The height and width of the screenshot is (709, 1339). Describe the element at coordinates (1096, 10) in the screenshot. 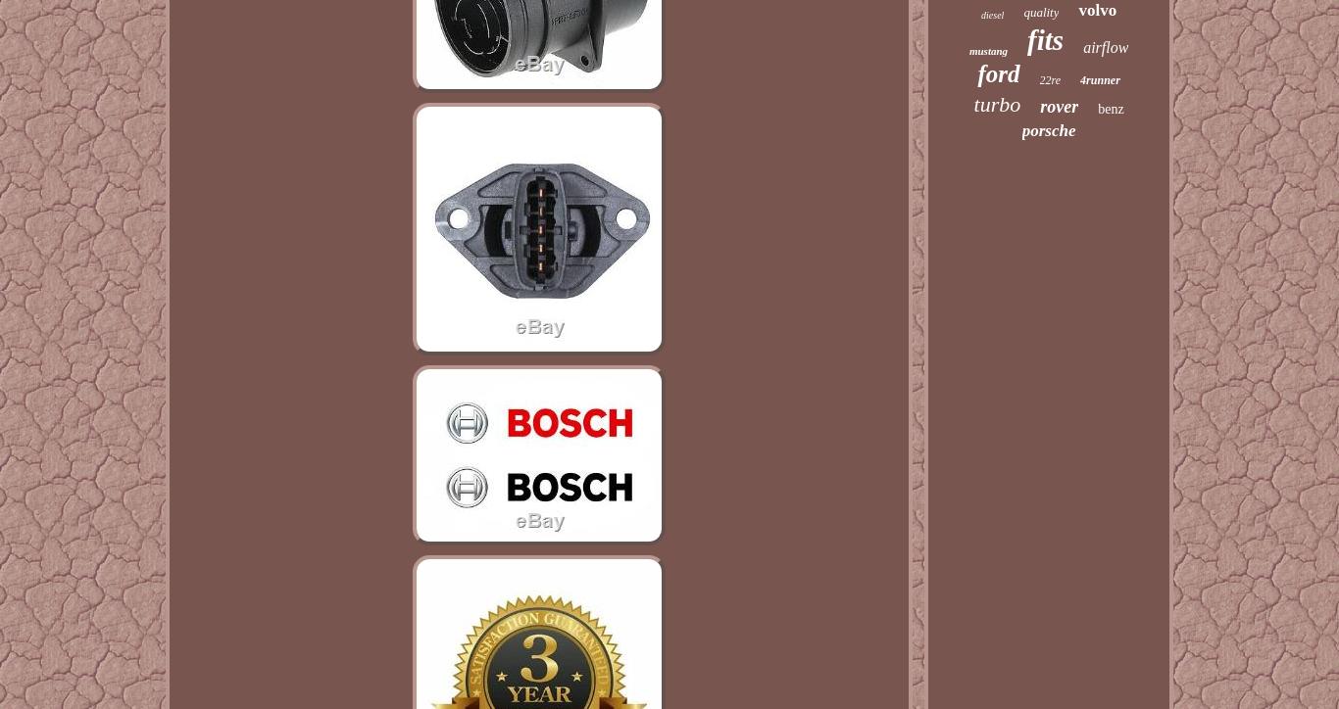

I see `'volvo'` at that location.